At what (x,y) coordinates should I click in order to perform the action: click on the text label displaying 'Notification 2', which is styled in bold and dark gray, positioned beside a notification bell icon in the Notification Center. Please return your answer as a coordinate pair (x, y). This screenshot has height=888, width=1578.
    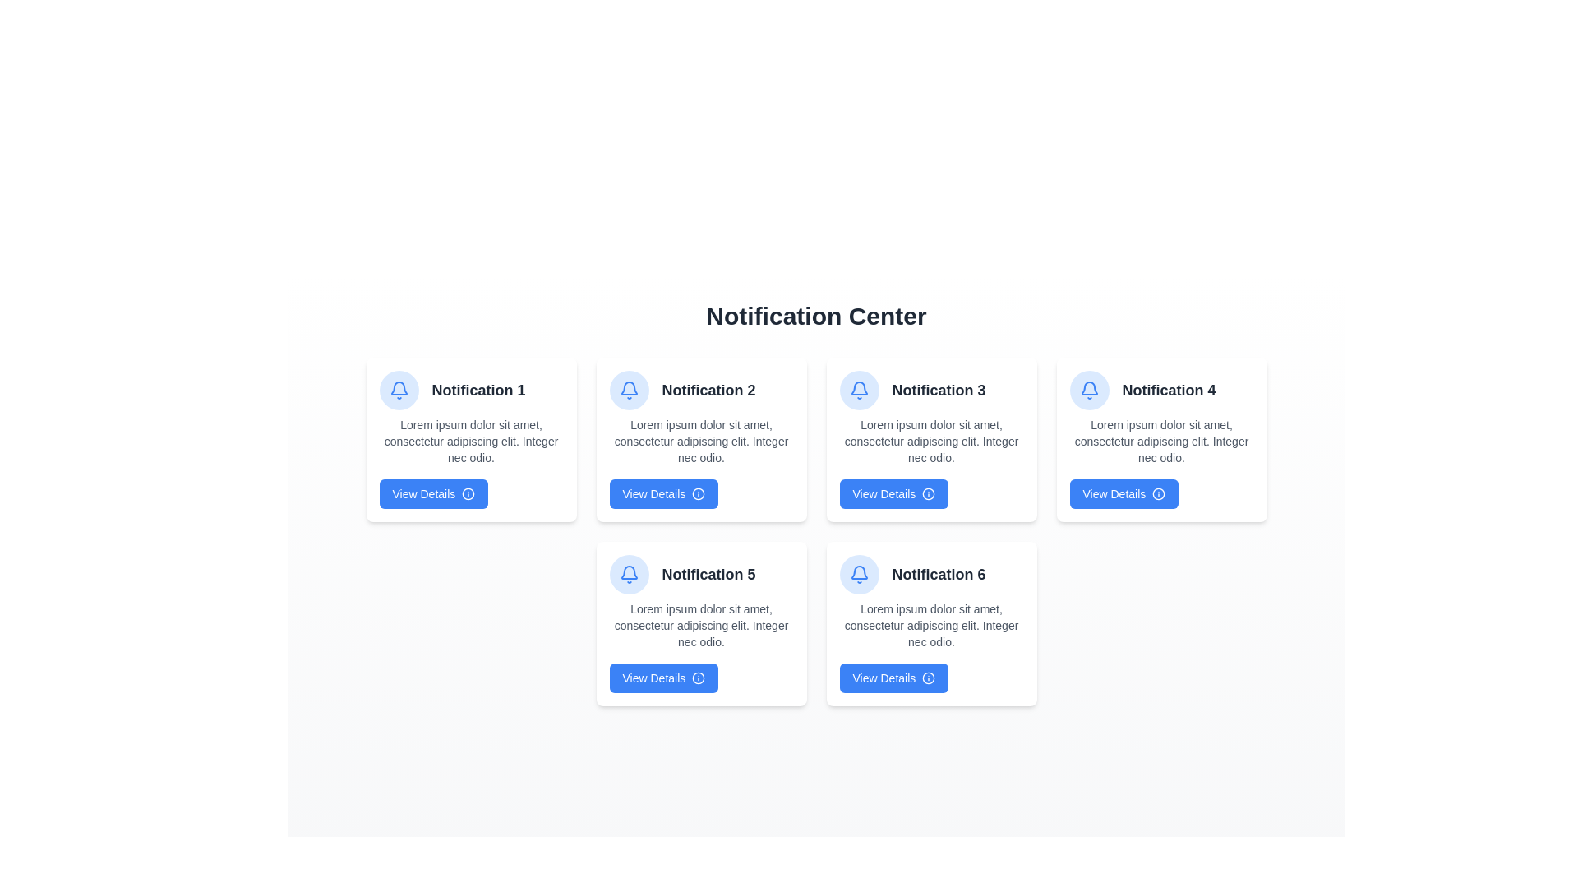
    Looking at the image, I should click on (708, 390).